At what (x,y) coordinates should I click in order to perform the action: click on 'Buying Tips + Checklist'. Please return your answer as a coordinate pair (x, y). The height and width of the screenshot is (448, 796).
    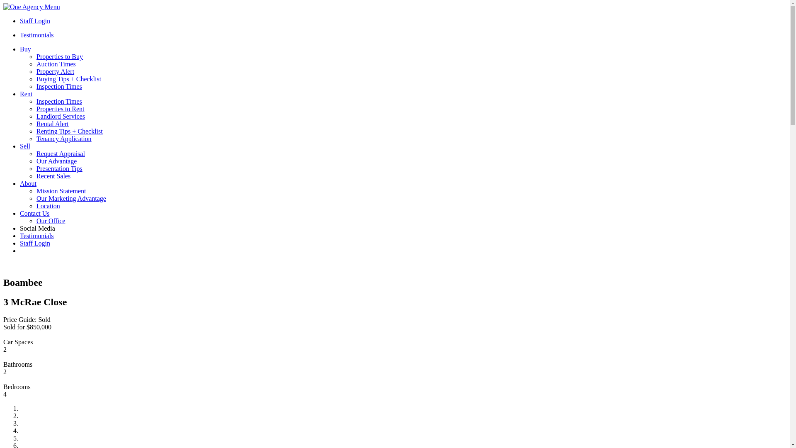
    Looking at the image, I should click on (36, 79).